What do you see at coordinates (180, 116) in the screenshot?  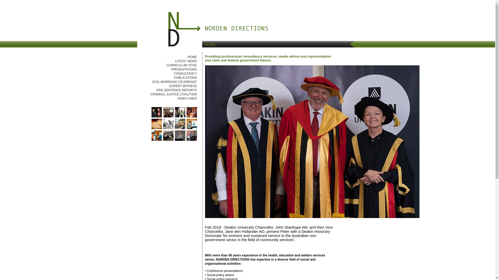 I see `'Coach Conference'` at bounding box center [180, 116].